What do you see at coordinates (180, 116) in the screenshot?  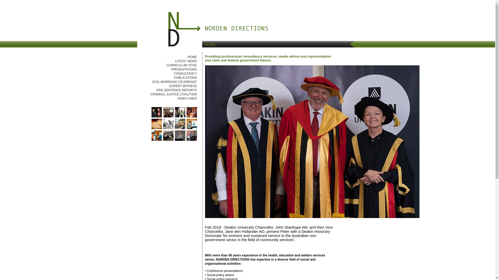 I see `'Coach Conference'` at bounding box center [180, 116].